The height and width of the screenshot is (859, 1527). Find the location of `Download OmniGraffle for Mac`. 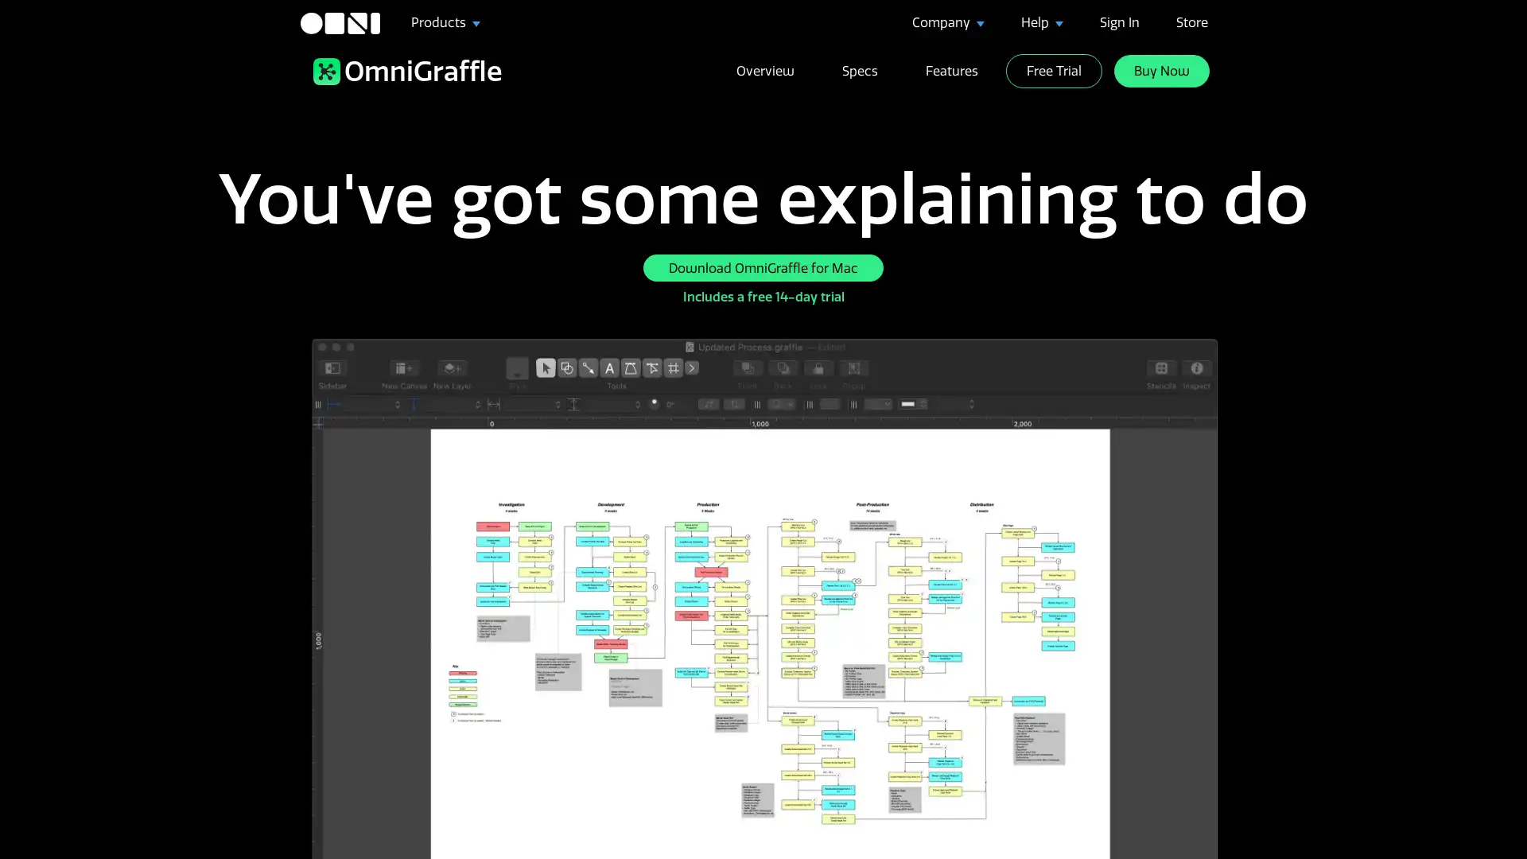

Download OmniGraffle for Mac is located at coordinates (763, 266).